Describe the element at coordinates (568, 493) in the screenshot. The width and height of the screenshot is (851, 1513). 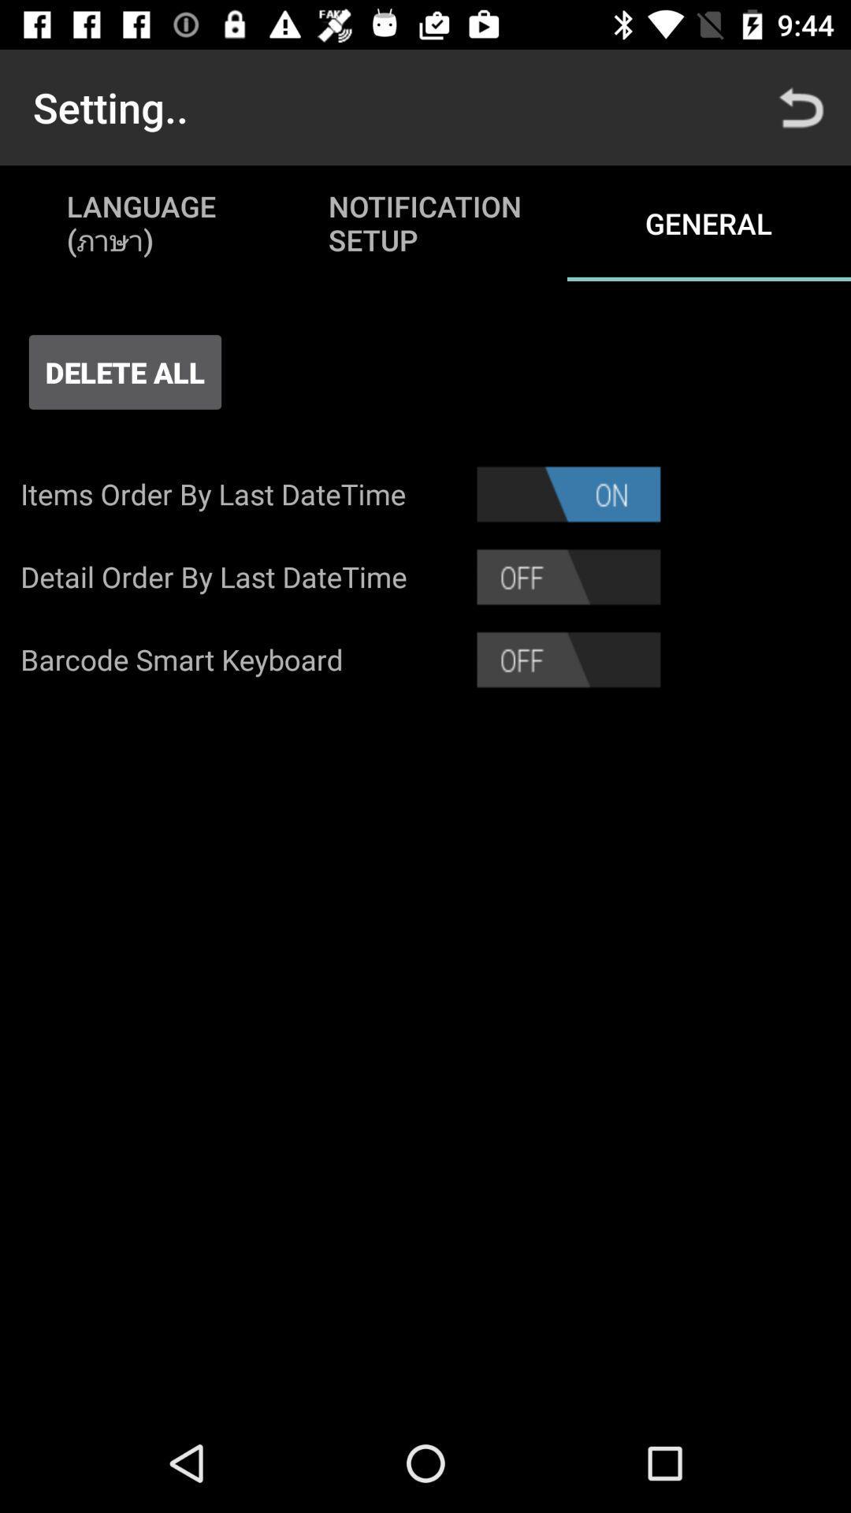
I see `turn off item order by lastdatetime` at that location.